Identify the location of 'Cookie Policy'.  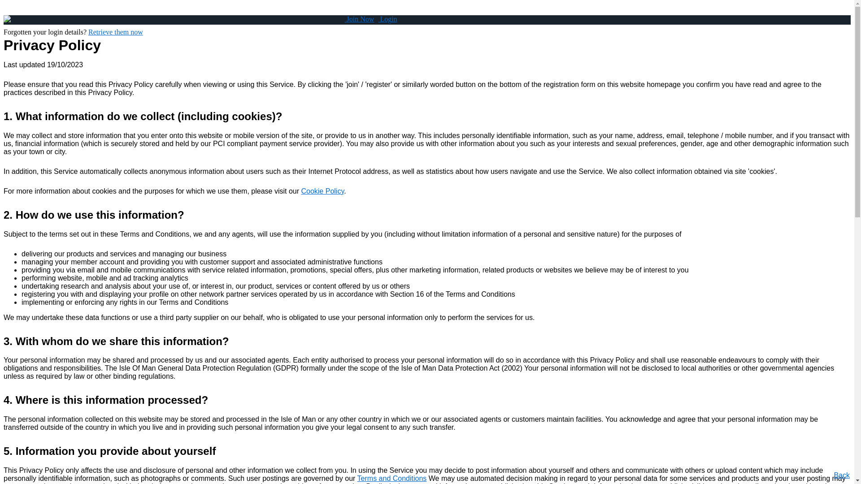
(322, 190).